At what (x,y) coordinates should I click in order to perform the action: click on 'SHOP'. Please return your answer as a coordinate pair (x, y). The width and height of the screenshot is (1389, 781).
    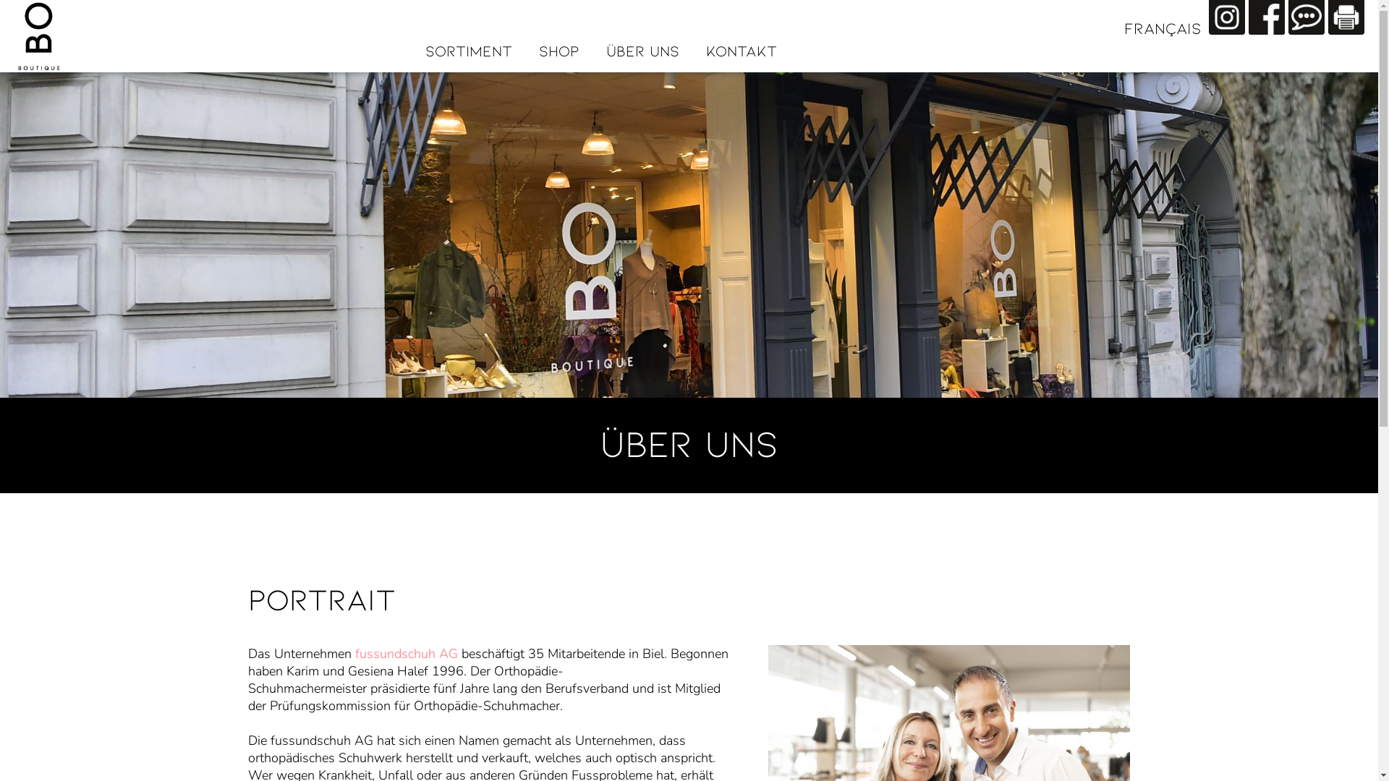
    Looking at the image, I should click on (526, 50).